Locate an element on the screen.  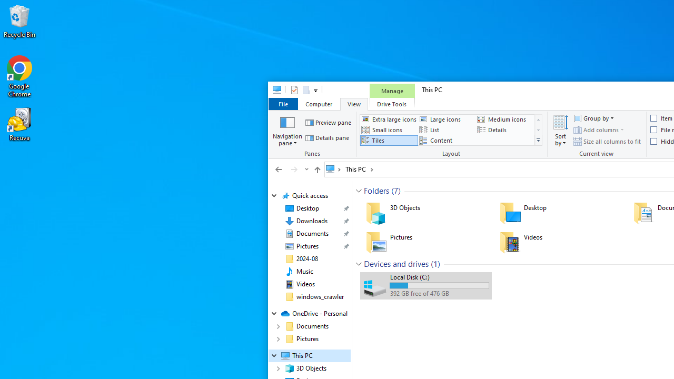
'Pictures (pinned)' is located at coordinates (306, 246).